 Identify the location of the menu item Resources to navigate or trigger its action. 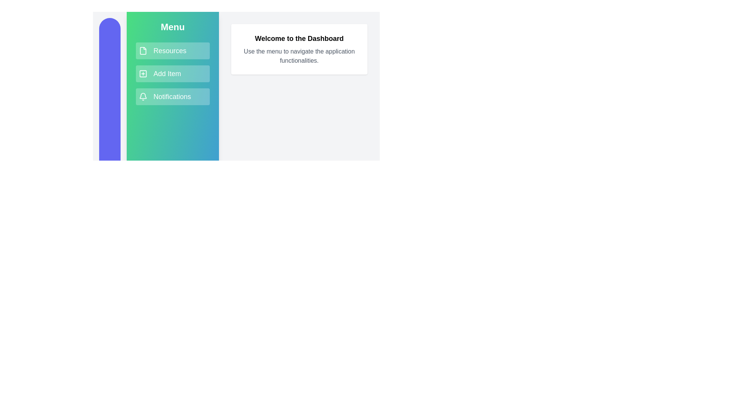
(172, 50).